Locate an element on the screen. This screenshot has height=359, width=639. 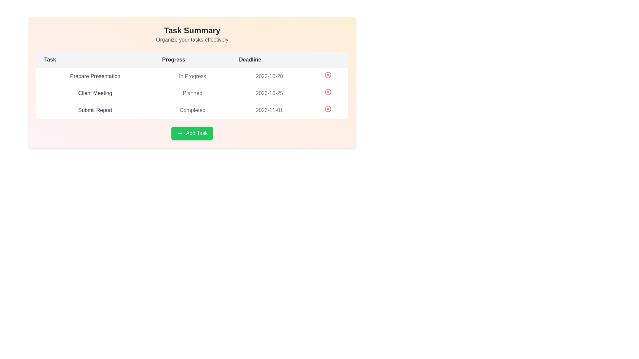
the 'Add Task' button to initiate adding a new task is located at coordinates (192, 133).